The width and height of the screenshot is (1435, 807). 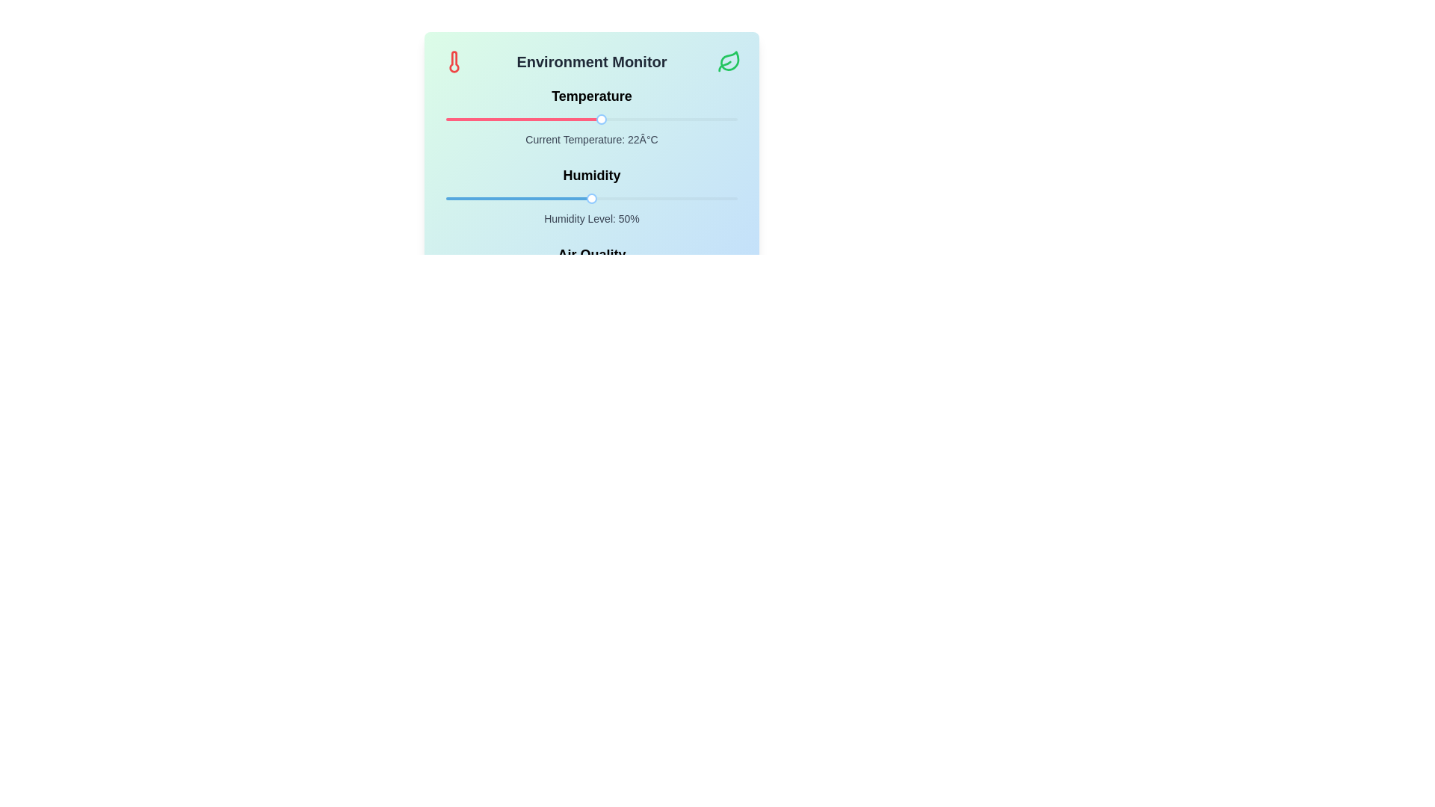 I want to click on slider value, so click(x=555, y=198).